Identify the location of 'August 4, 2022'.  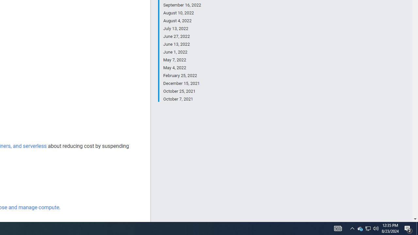
(182, 21).